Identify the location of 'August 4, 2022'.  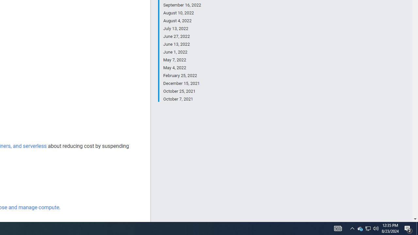
(182, 21).